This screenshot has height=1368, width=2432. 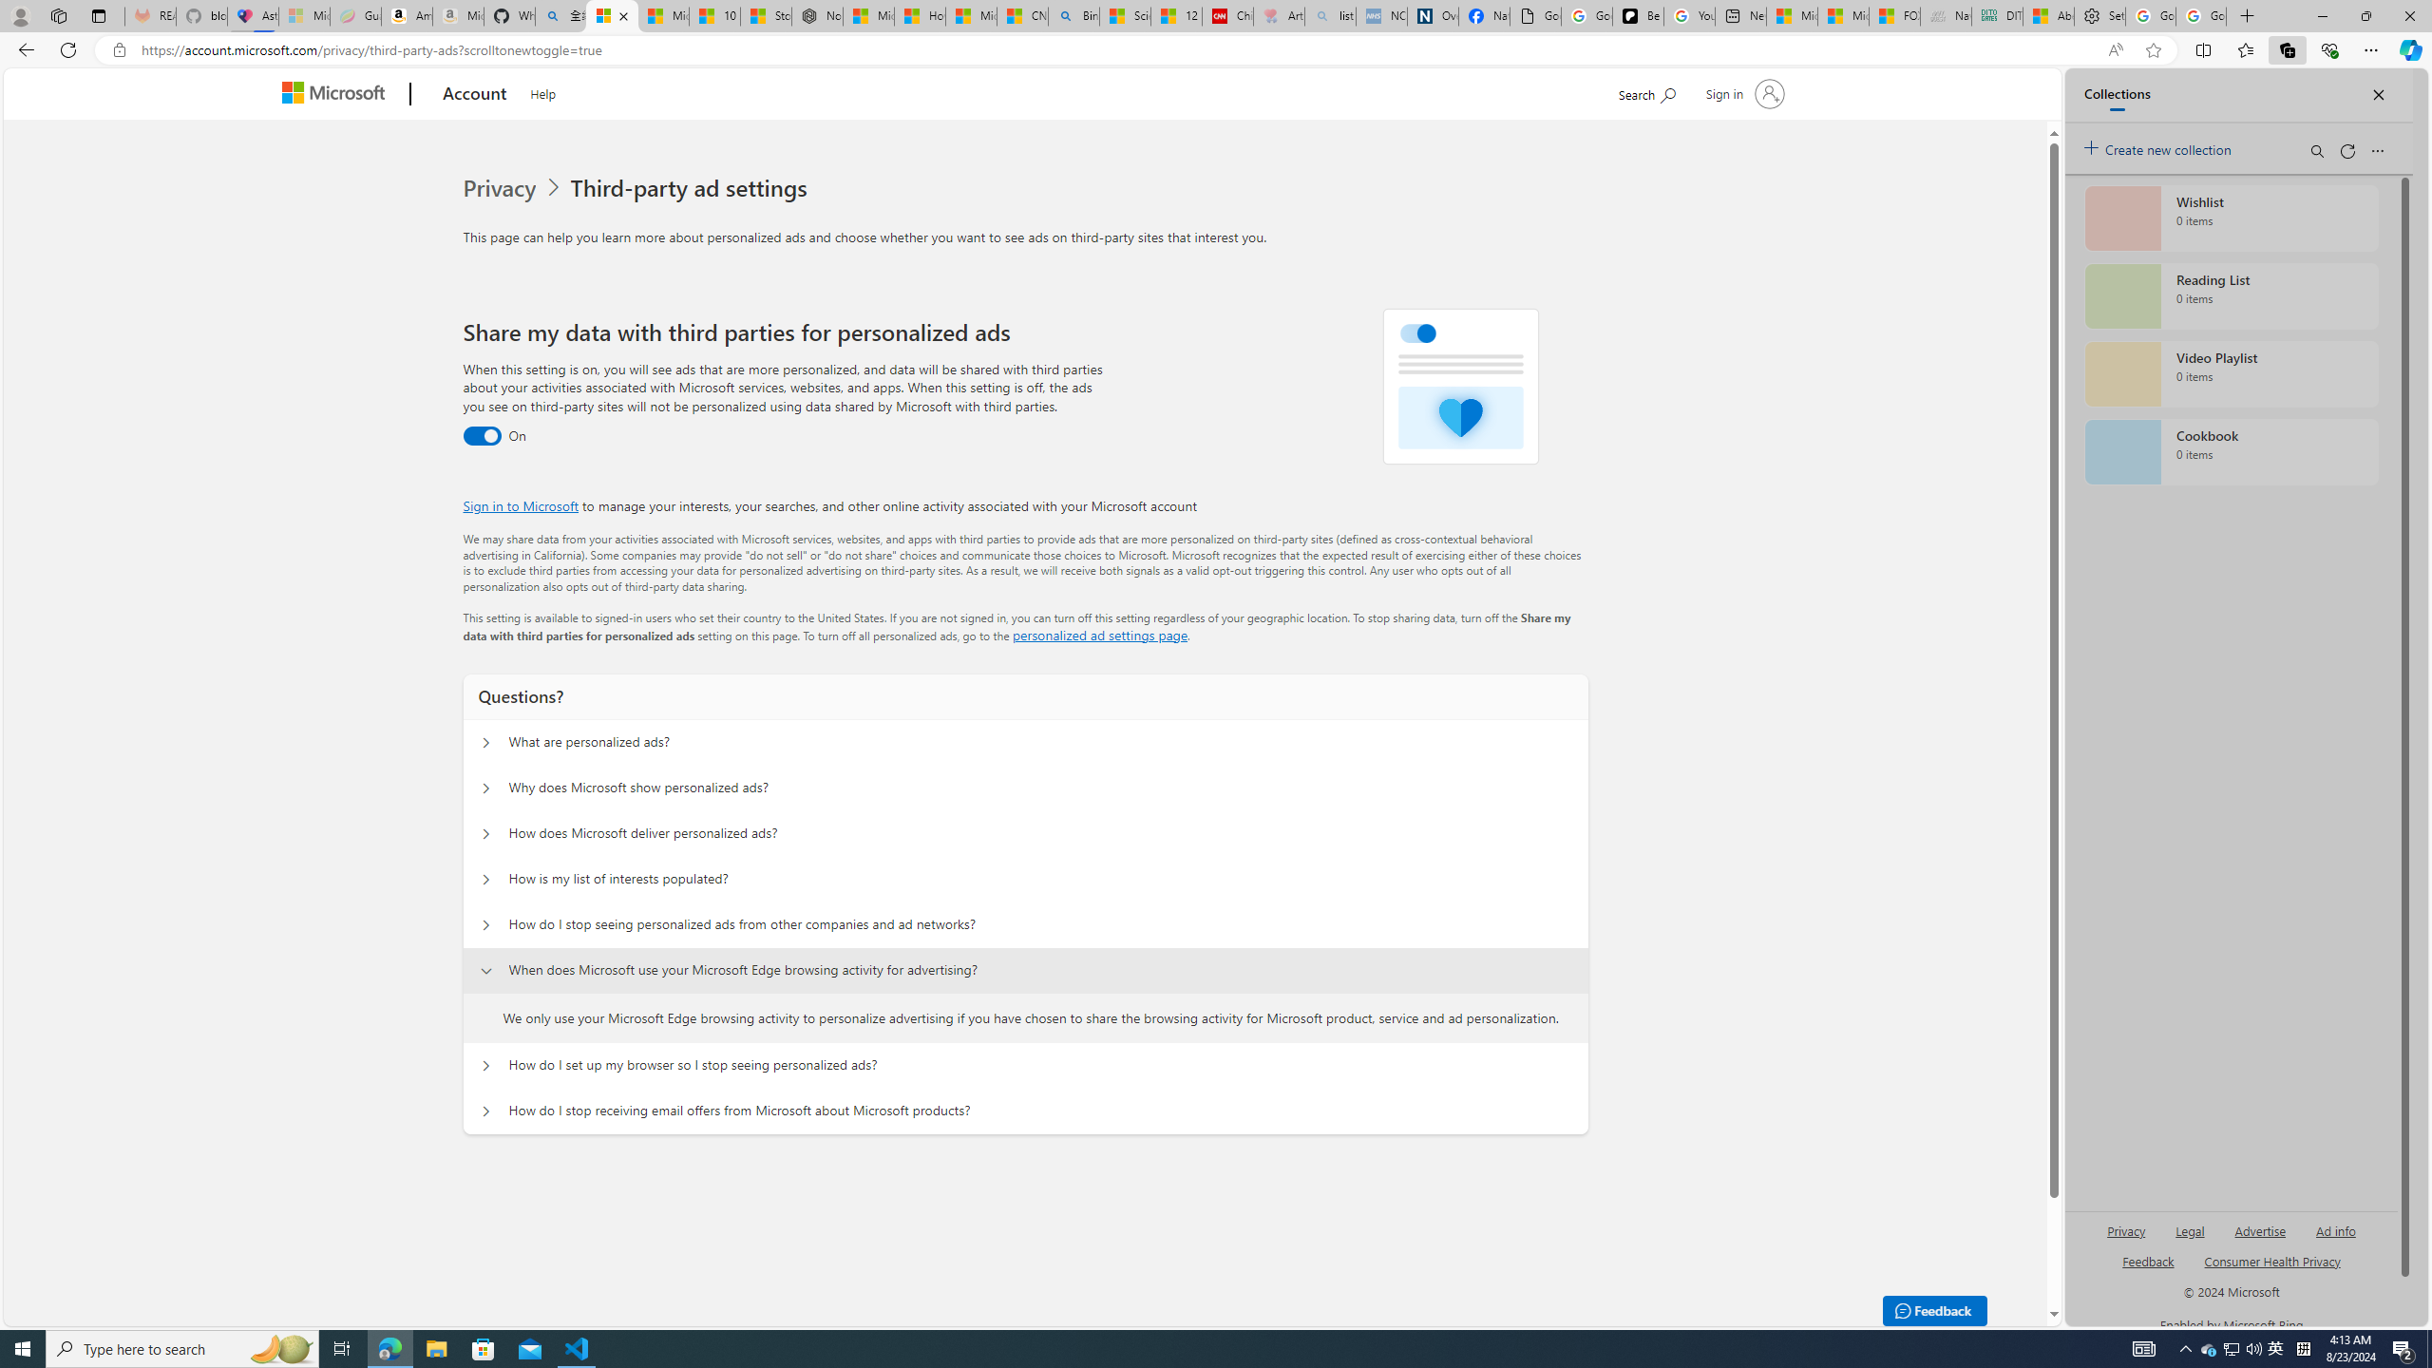 I want to click on 'Sign in to your account', so click(x=1742, y=92).